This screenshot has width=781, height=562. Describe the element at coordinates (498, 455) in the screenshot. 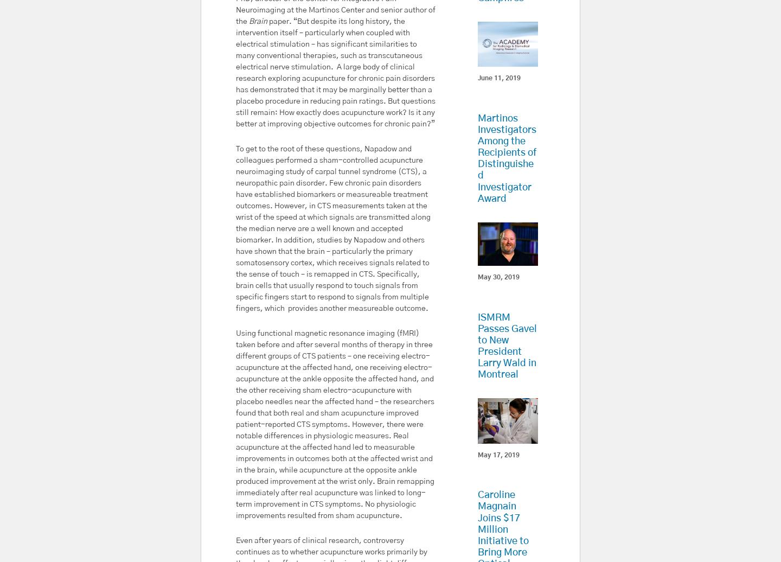

I see `'May 17, 2019'` at that location.